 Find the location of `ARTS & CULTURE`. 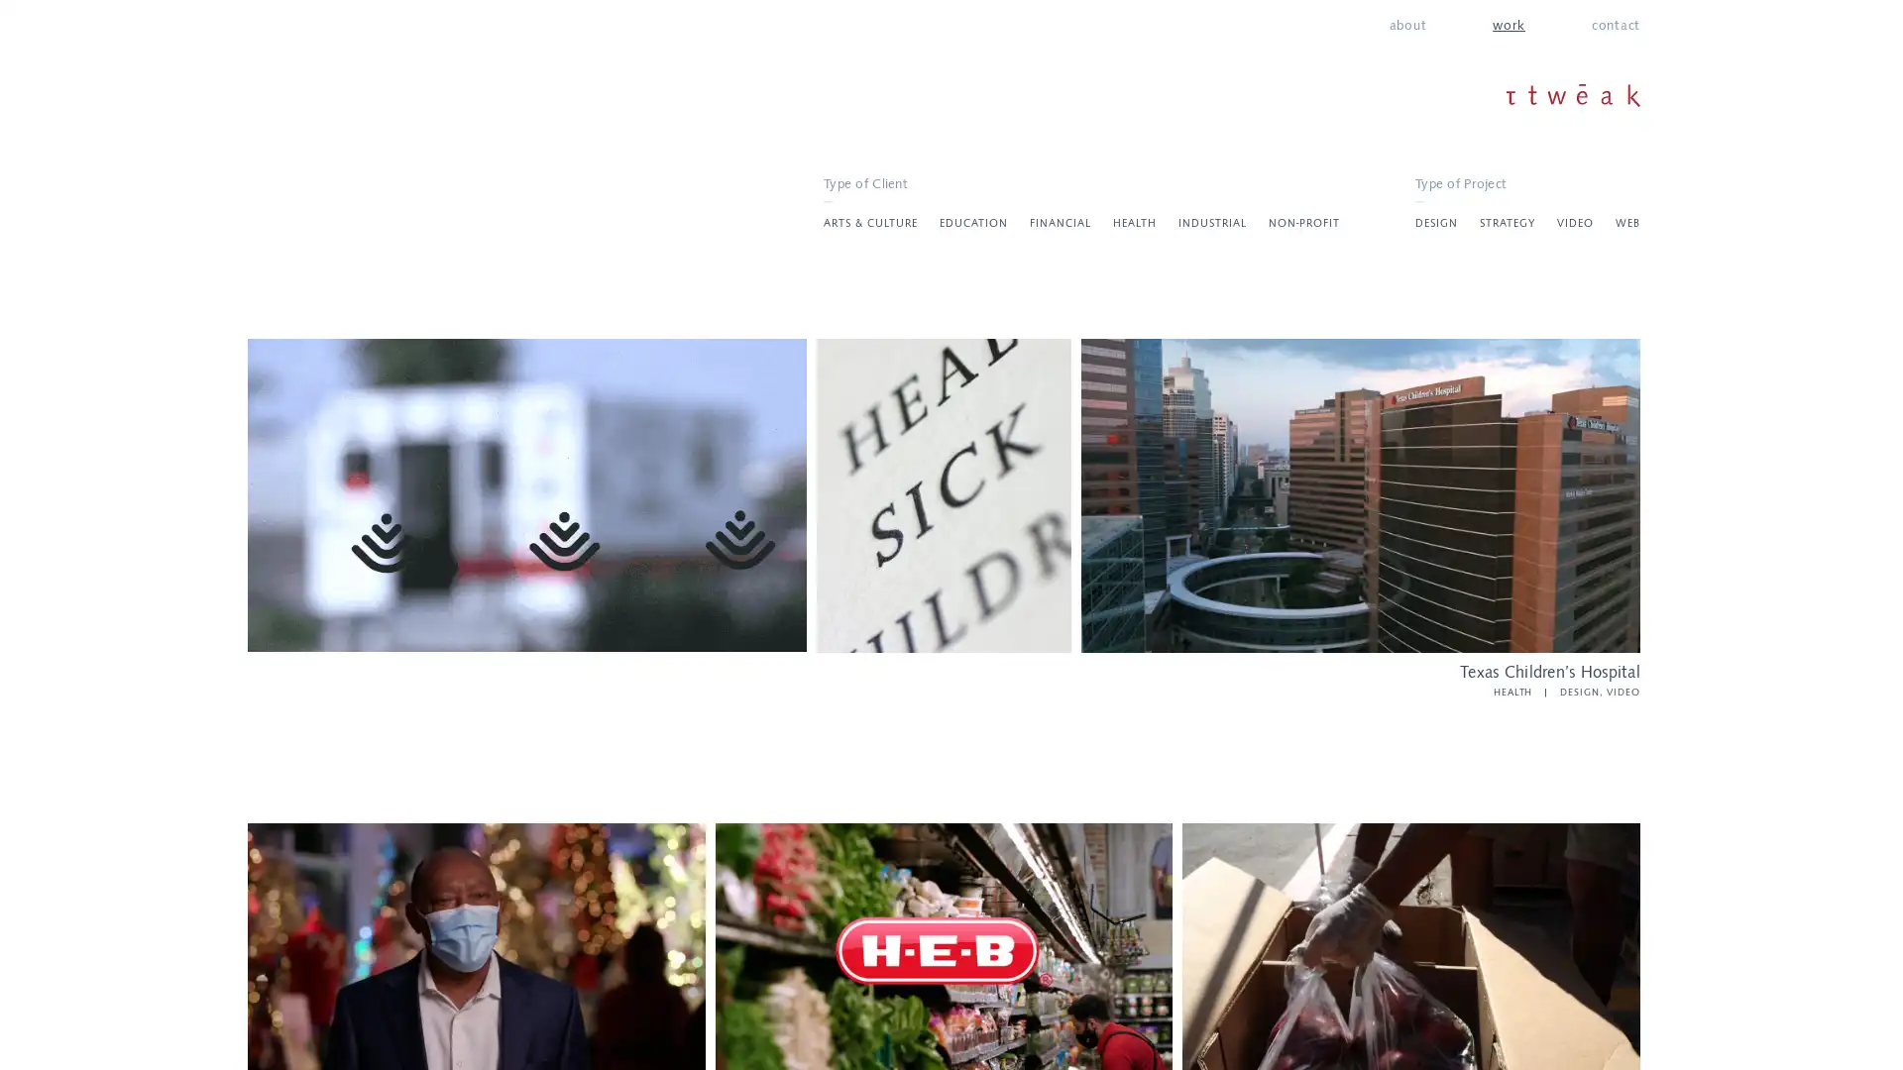

ARTS & CULTURE is located at coordinates (870, 223).